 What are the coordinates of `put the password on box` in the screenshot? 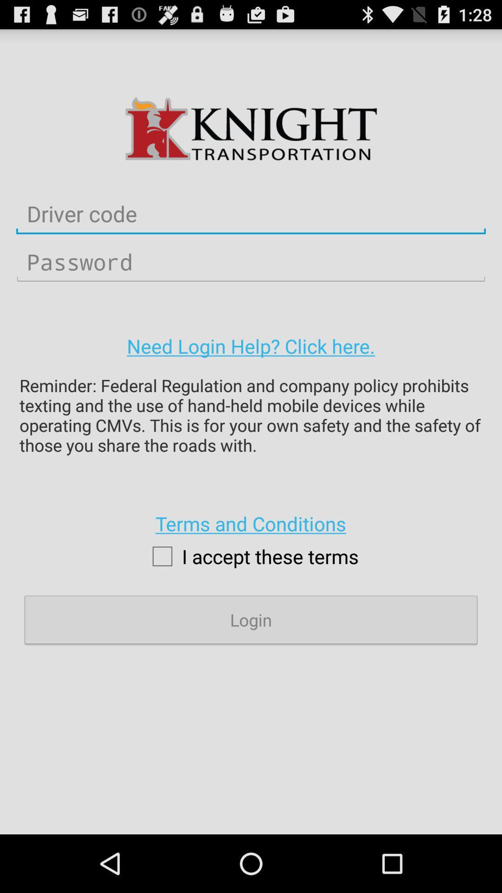 It's located at (251, 261).